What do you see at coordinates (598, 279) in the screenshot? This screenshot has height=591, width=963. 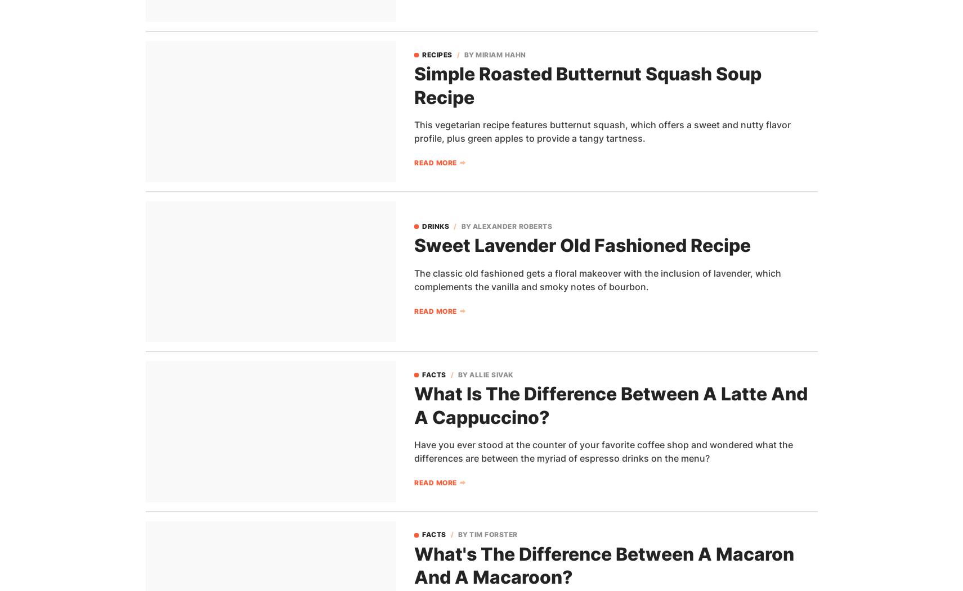 I see `'The classic old fashioned gets a floral makeover with the inclusion of lavender, which complements the vanilla and smoky notes of bourbon.'` at bounding box center [598, 279].